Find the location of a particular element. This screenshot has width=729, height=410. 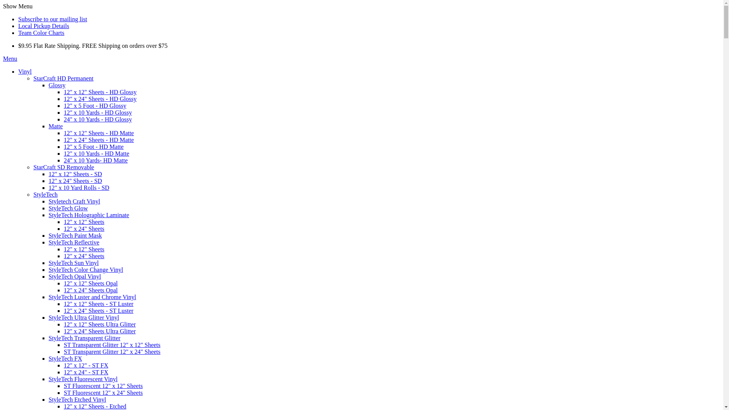

'ST Transparent Glitter 12" x 12" Sheets' is located at coordinates (112, 345).